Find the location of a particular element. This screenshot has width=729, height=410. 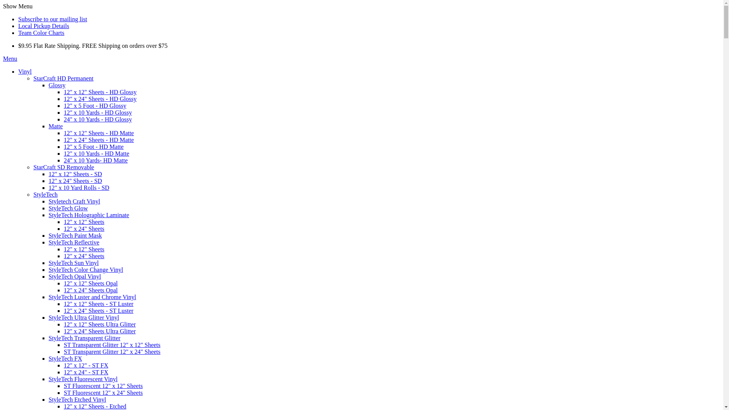

'ST Transparent Glitter 12" x 12" Sheets' is located at coordinates (112, 345).